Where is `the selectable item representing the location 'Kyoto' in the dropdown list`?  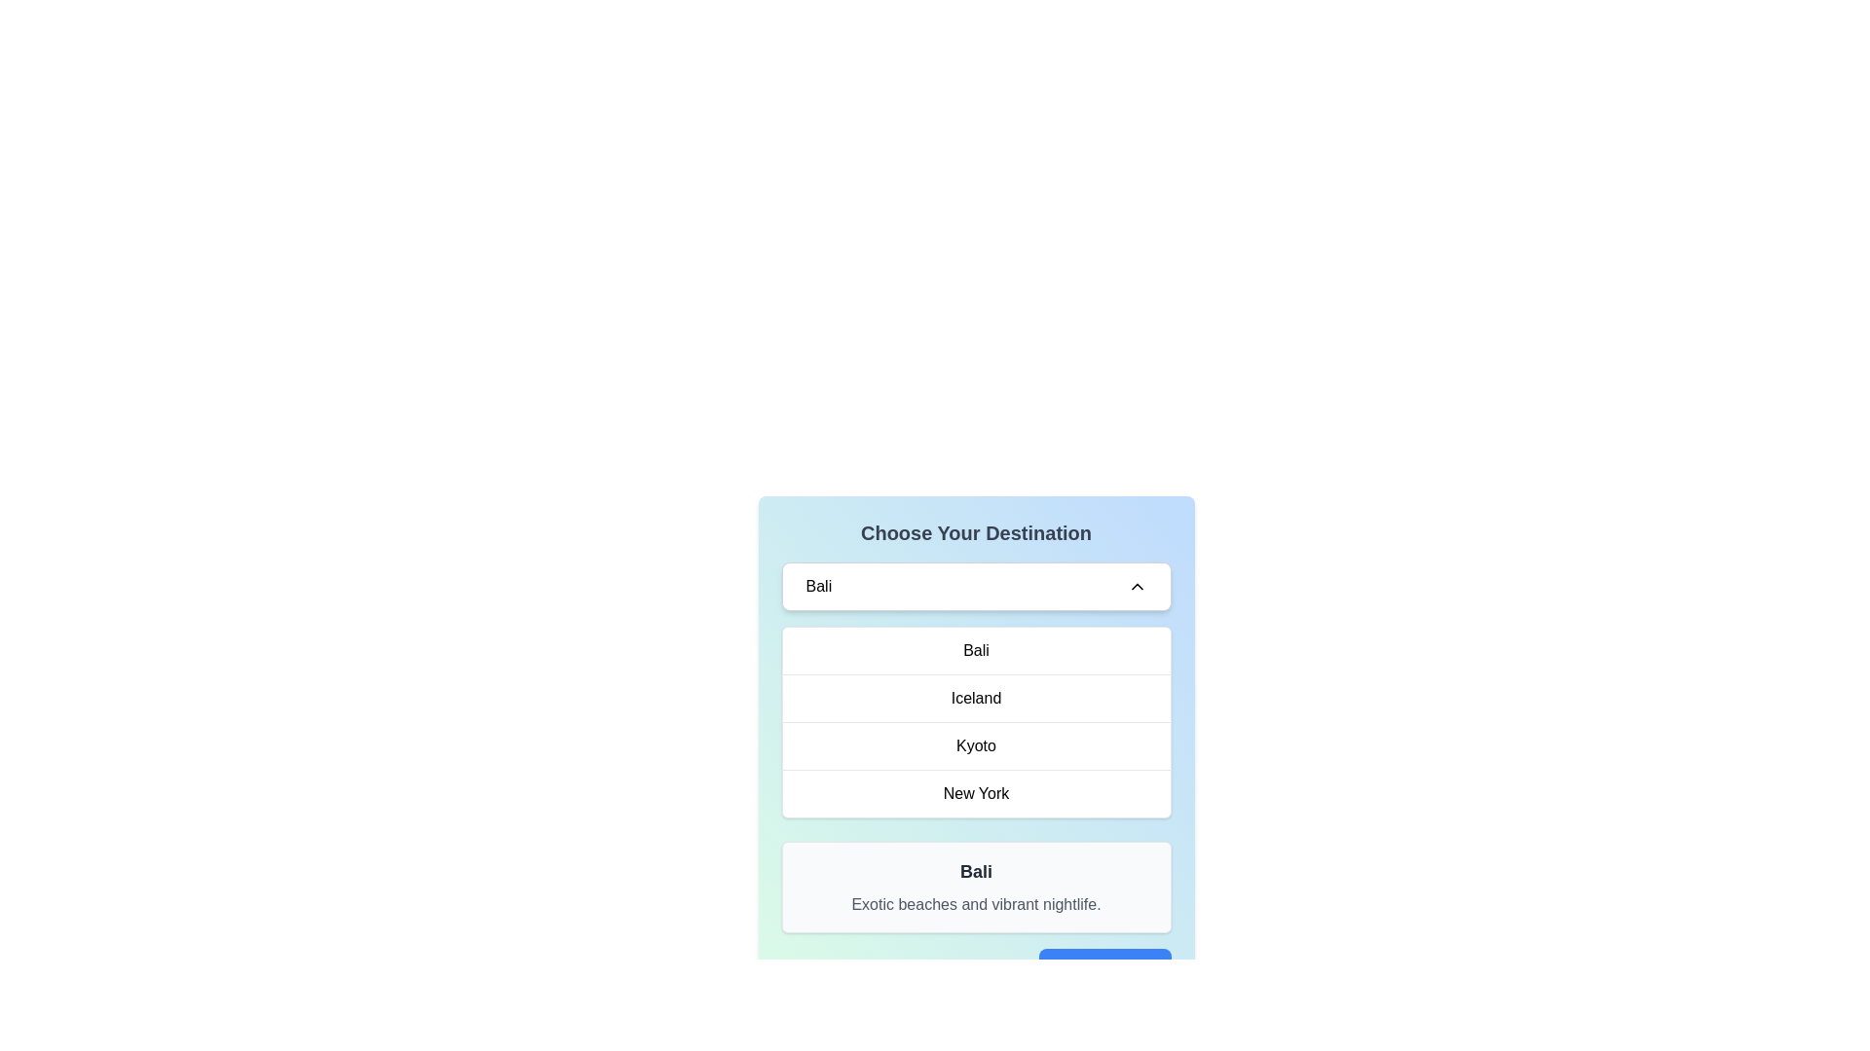 the selectable item representing the location 'Kyoto' in the dropdown list is located at coordinates (976, 744).